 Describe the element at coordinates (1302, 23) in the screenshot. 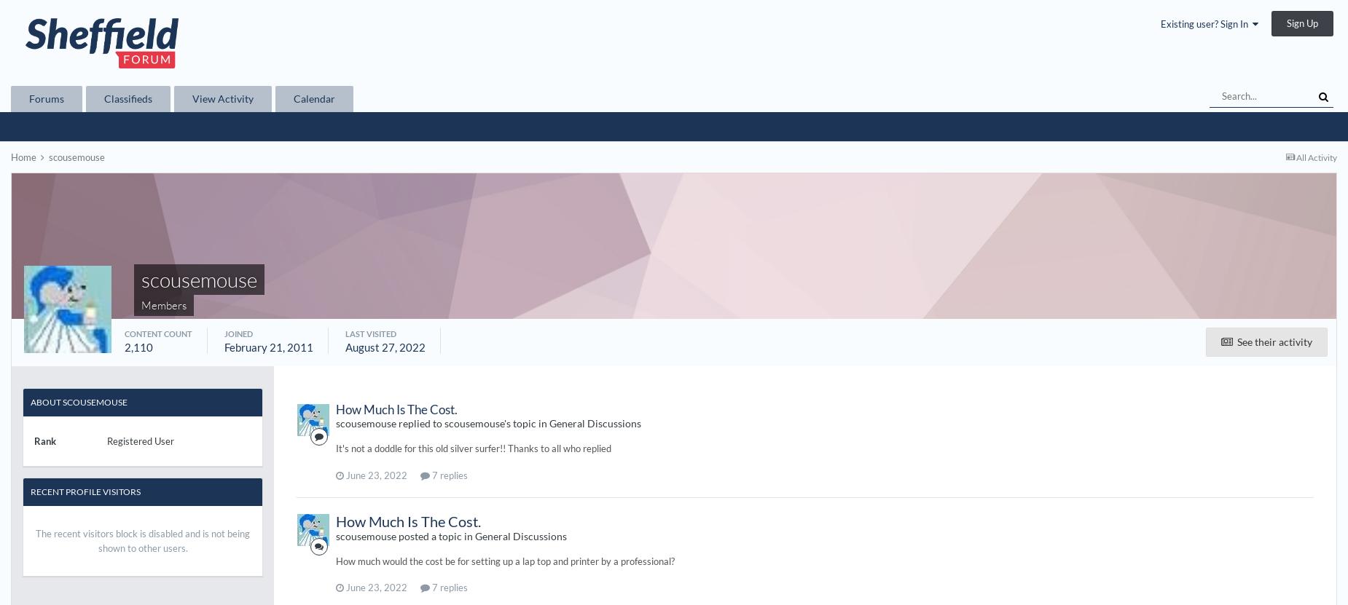

I see `'Sign Up'` at that location.